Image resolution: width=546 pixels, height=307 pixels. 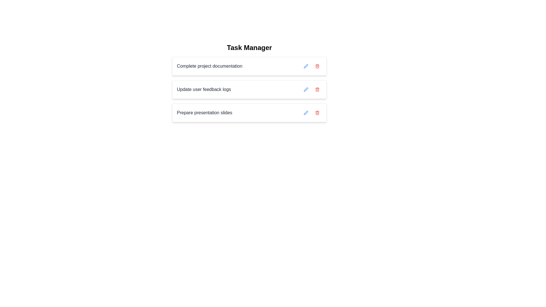 What do you see at coordinates (317, 90) in the screenshot?
I see `the Trash Bin icon` at bounding box center [317, 90].